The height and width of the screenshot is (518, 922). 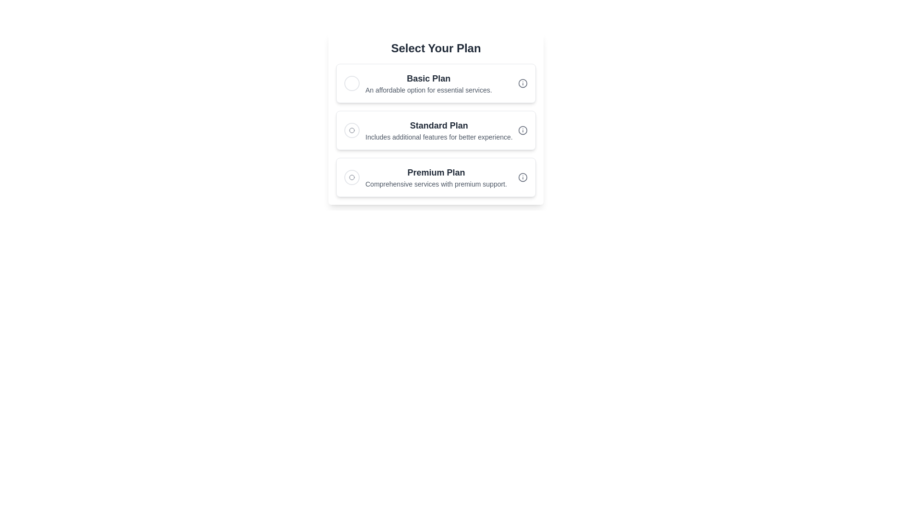 I want to click on the 'Premium Plan' text label, which is a bold, large-sized header in dark gray color, indicating the third option in the list of plans, so click(x=436, y=172).